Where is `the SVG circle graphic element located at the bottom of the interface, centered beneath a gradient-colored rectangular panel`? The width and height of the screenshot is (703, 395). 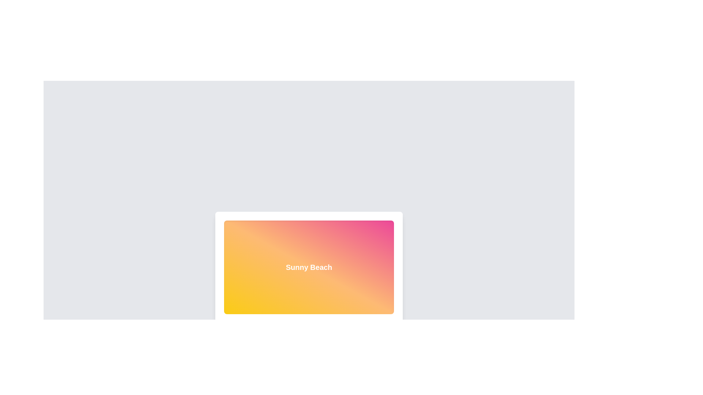
the SVG circle graphic element located at the bottom of the interface, centered beneath a gradient-colored rectangular panel is located at coordinates (309, 324).